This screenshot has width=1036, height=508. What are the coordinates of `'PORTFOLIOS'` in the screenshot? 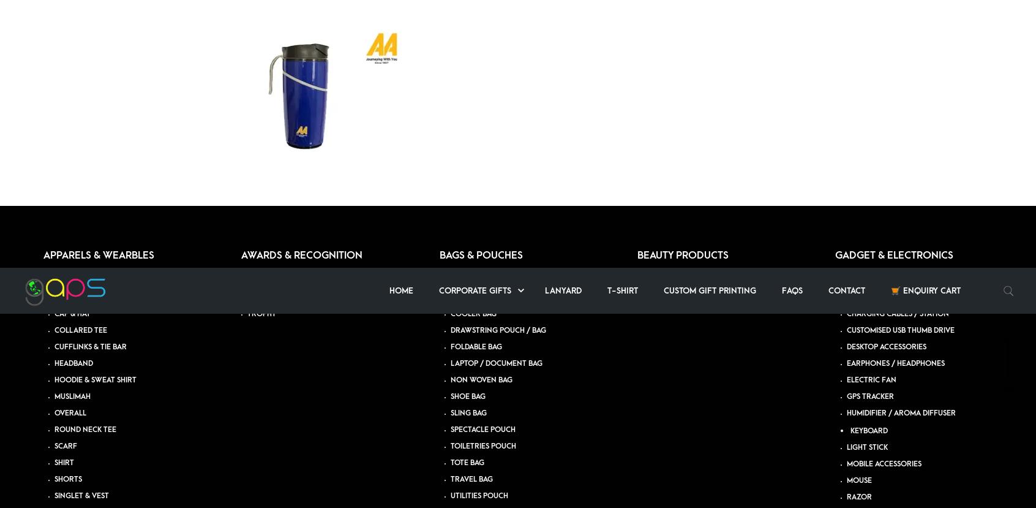 It's located at (671, 90).